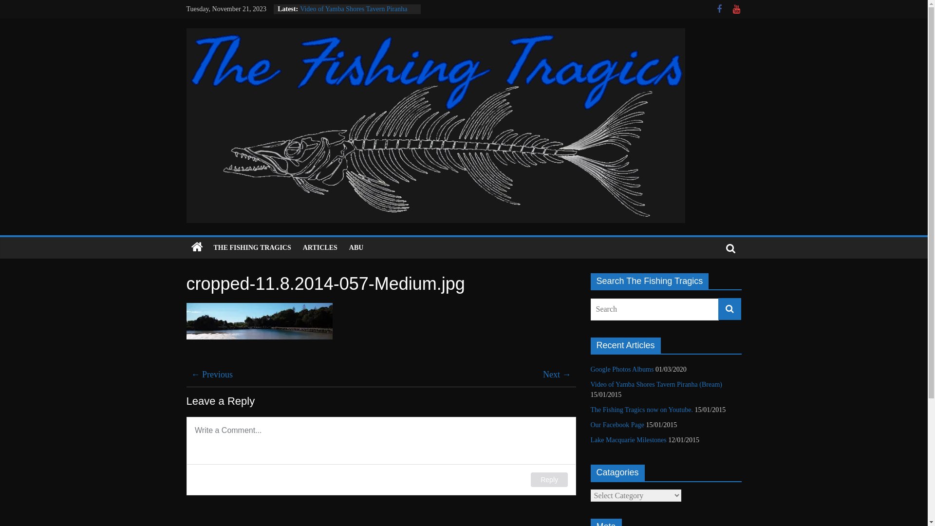  I want to click on 'ARTICLES', so click(320, 247).